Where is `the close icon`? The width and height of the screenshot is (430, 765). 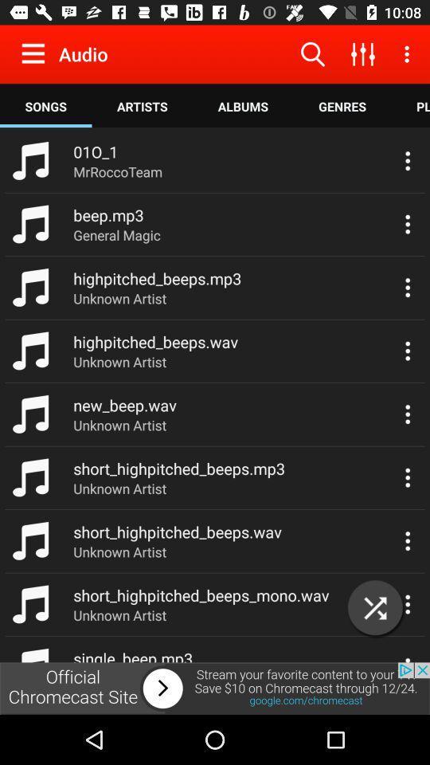 the close icon is located at coordinates (375, 607).